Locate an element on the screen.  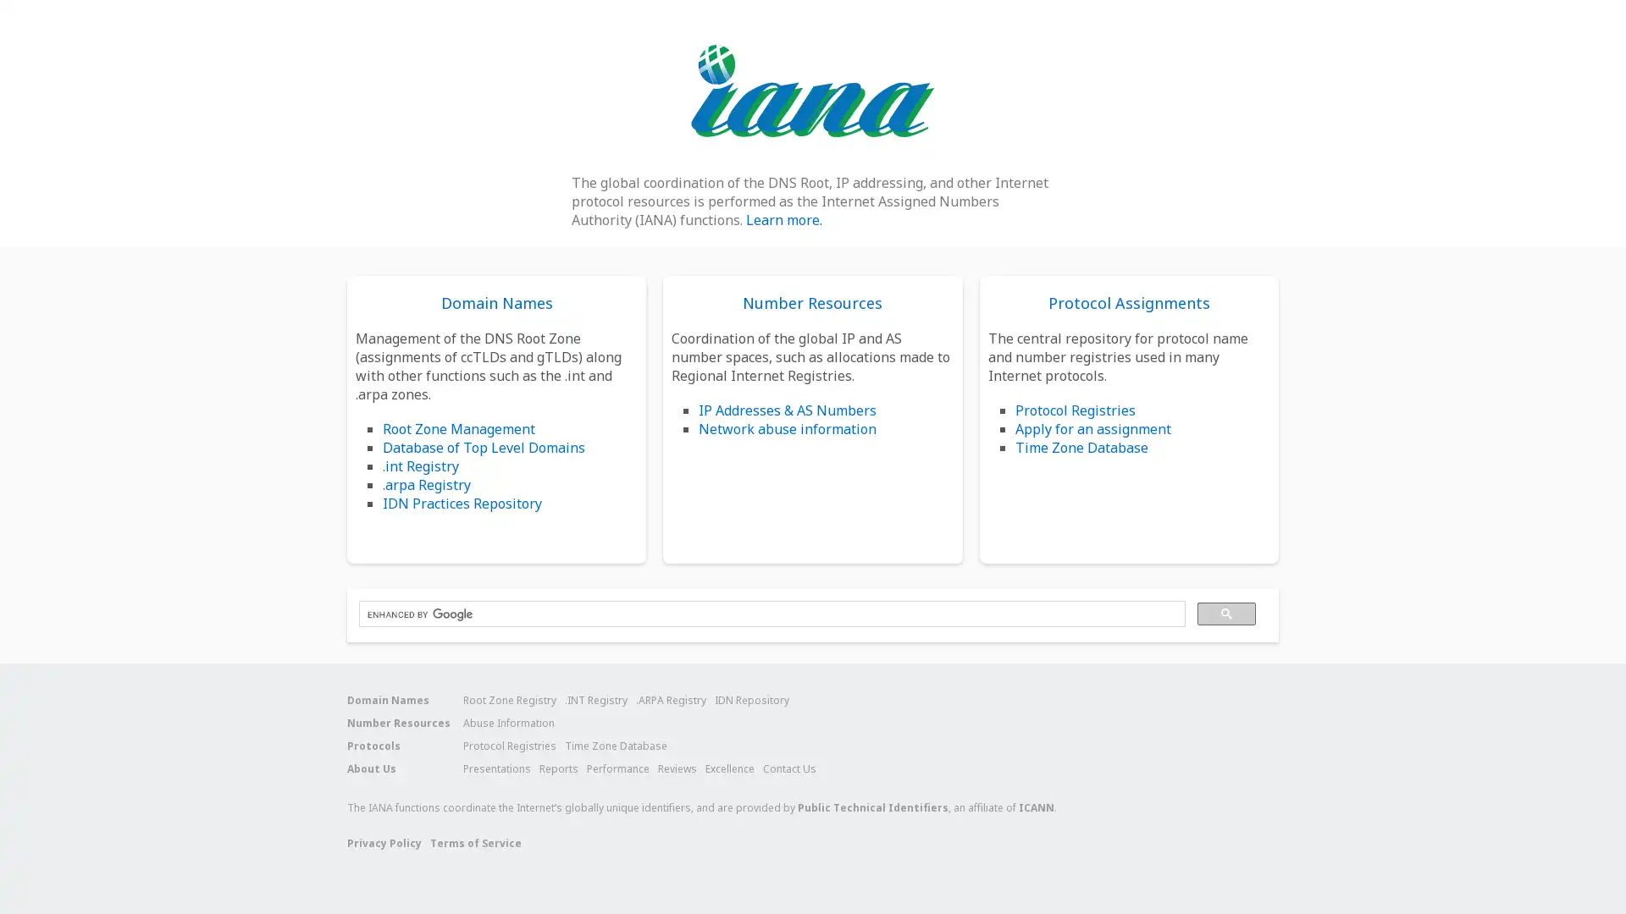
search is located at coordinates (1226, 614).